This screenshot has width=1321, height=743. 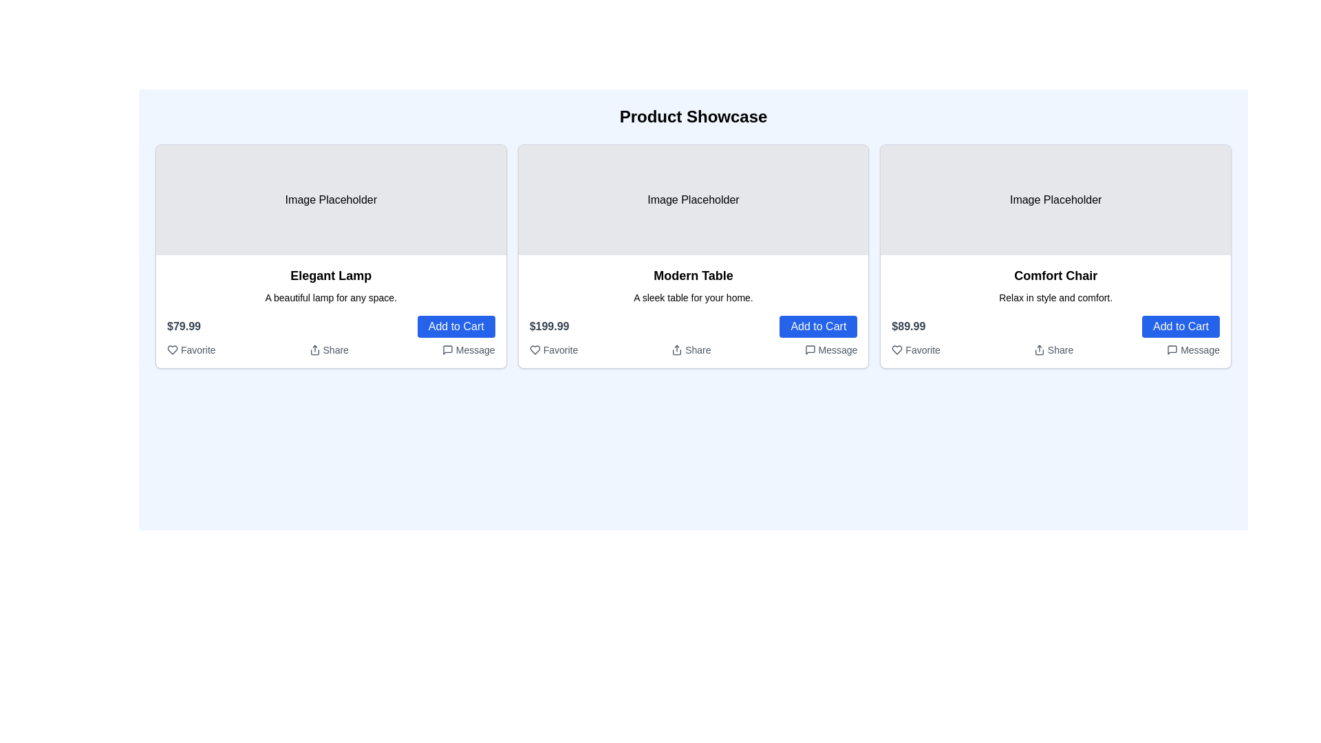 What do you see at coordinates (694, 200) in the screenshot?
I see `the image placeholder located at the top of the center card, directly above the title 'Modern Table'` at bounding box center [694, 200].